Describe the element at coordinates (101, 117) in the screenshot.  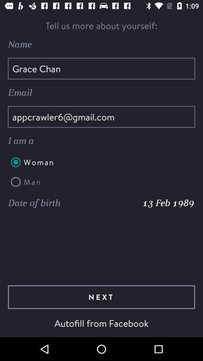
I see `icon above i am a` at that location.